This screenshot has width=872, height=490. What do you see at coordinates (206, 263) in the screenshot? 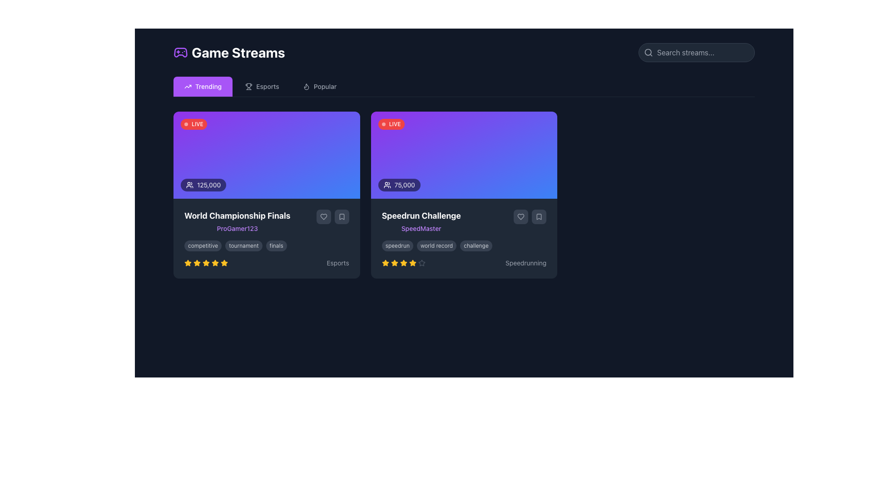
I see `the first golden-yellow star in the rating component below 'World Championship Finals' and 'ProGamer123' to interact with the rating system` at bounding box center [206, 263].